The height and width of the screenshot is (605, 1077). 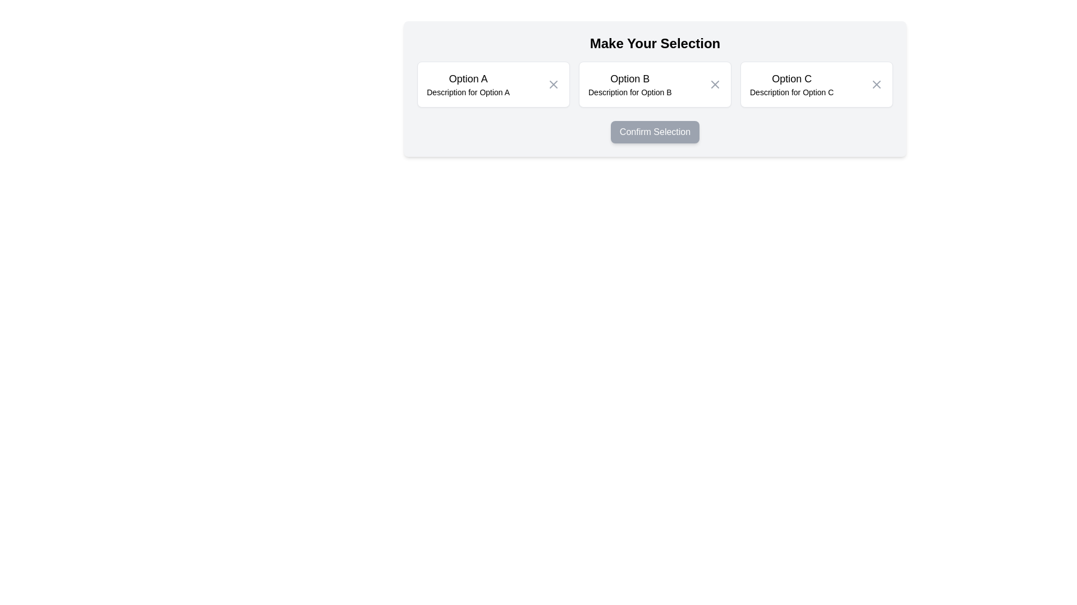 What do you see at coordinates (876, 83) in the screenshot?
I see `the Close icon located in the top-right corner of the 'Option C' box` at bounding box center [876, 83].